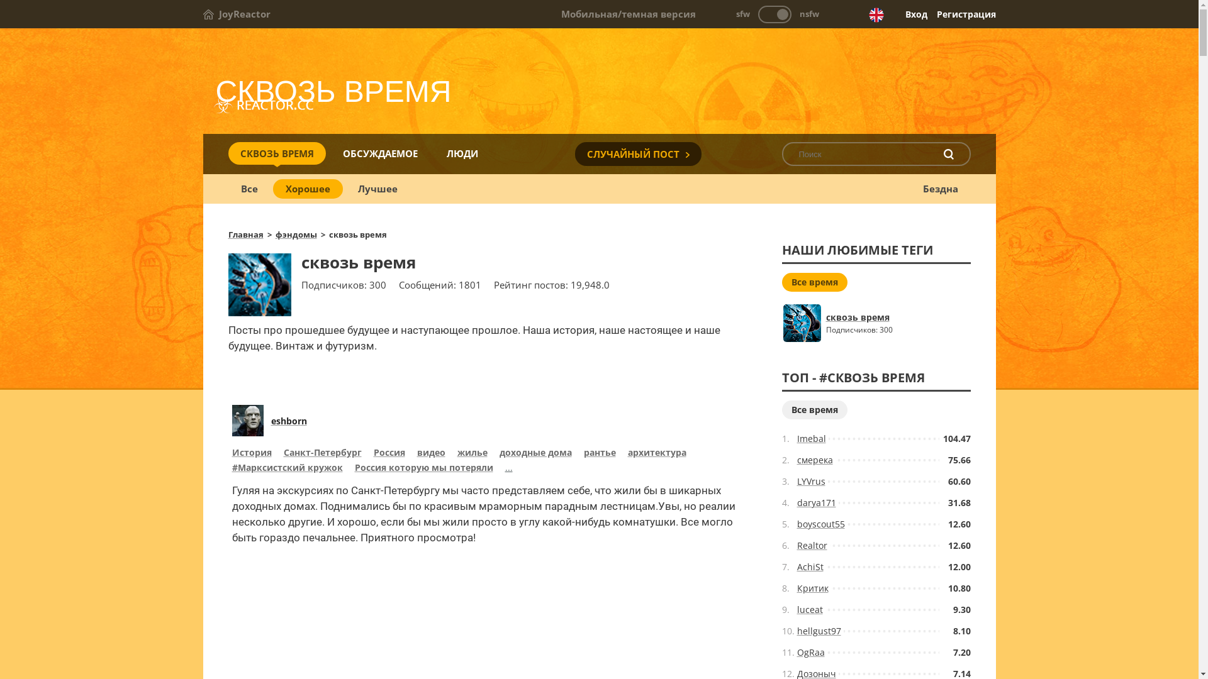 Image resolution: width=1208 pixels, height=679 pixels. I want to click on 'English version', so click(875, 14).